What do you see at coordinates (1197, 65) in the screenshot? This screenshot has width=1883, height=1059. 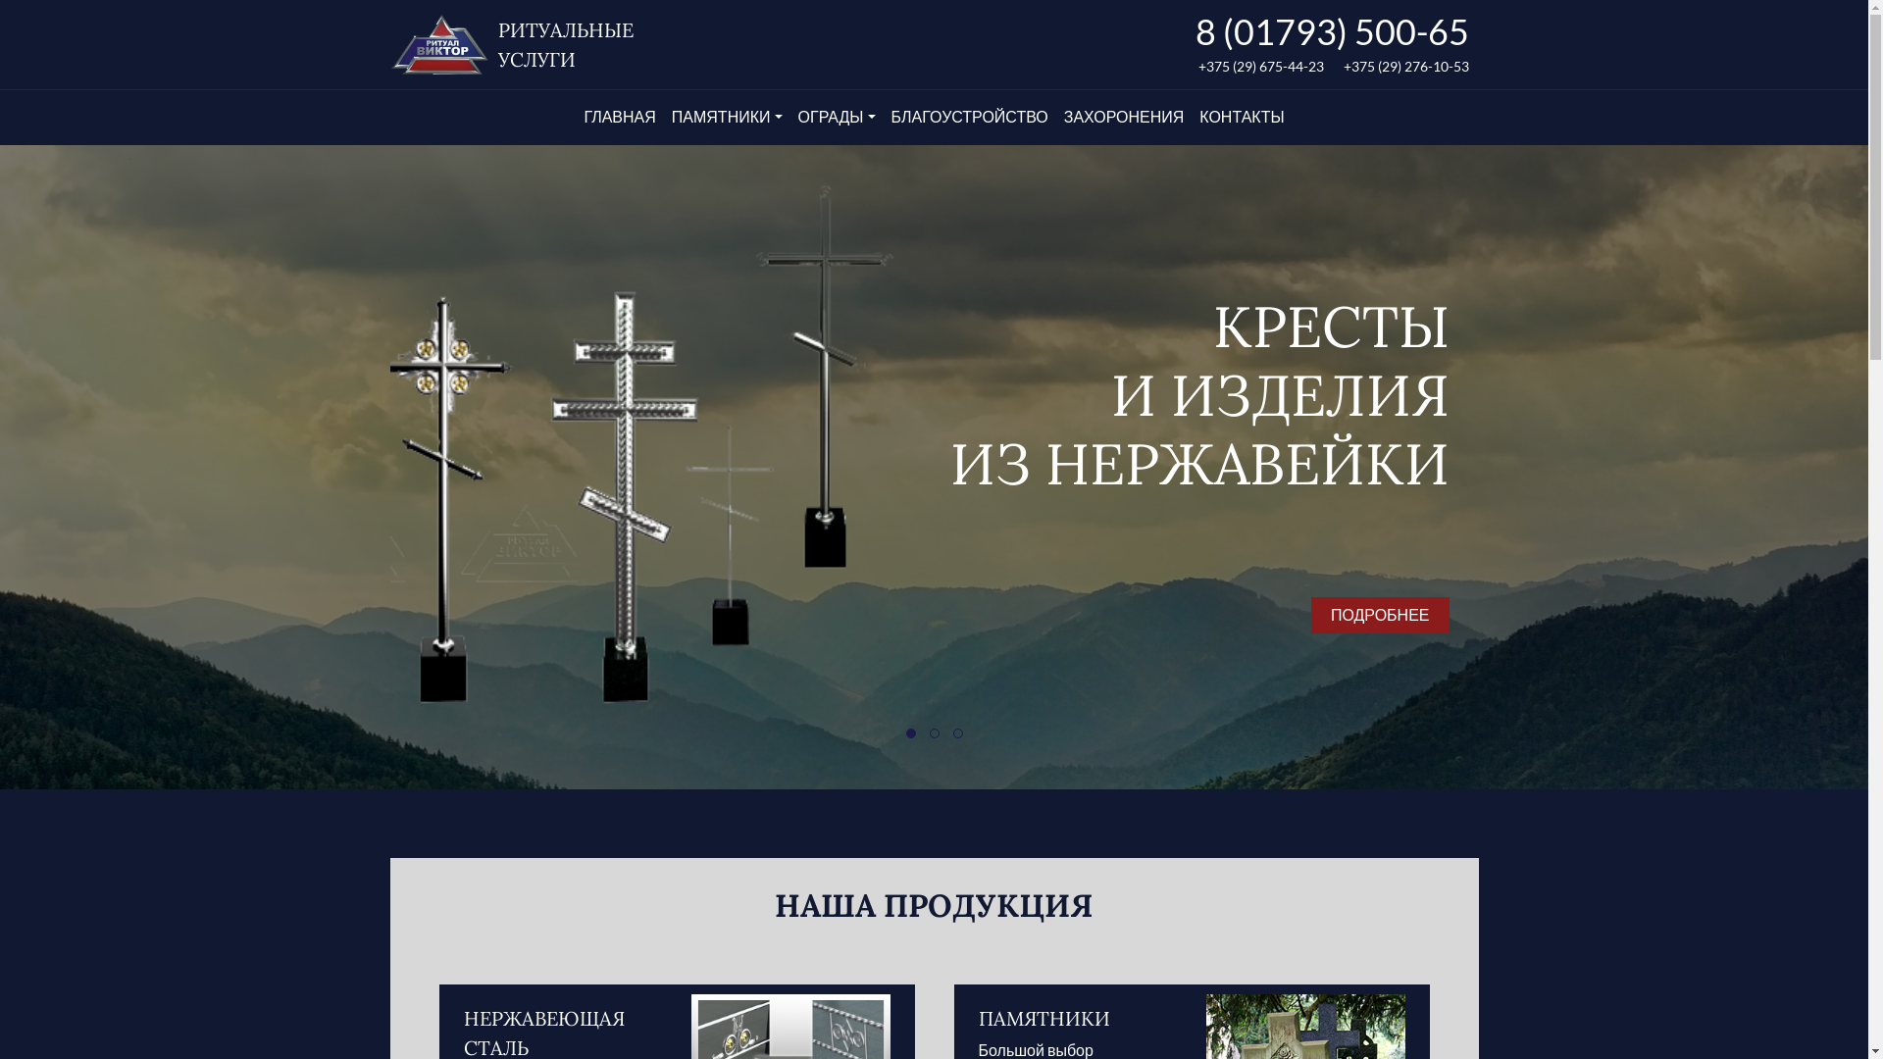 I see `'+375 (29) 675-44-23'` at bounding box center [1197, 65].